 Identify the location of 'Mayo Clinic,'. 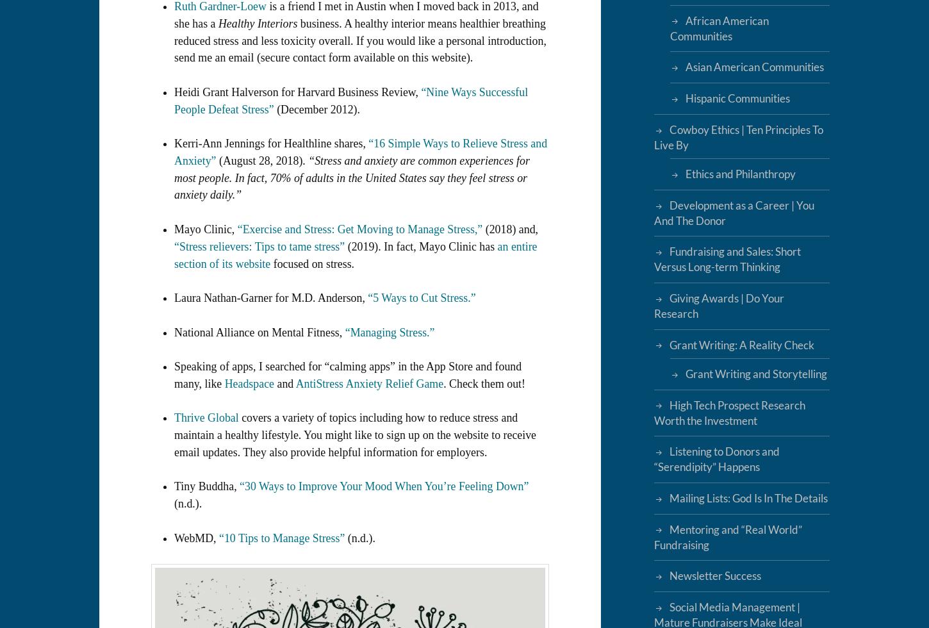
(206, 229).